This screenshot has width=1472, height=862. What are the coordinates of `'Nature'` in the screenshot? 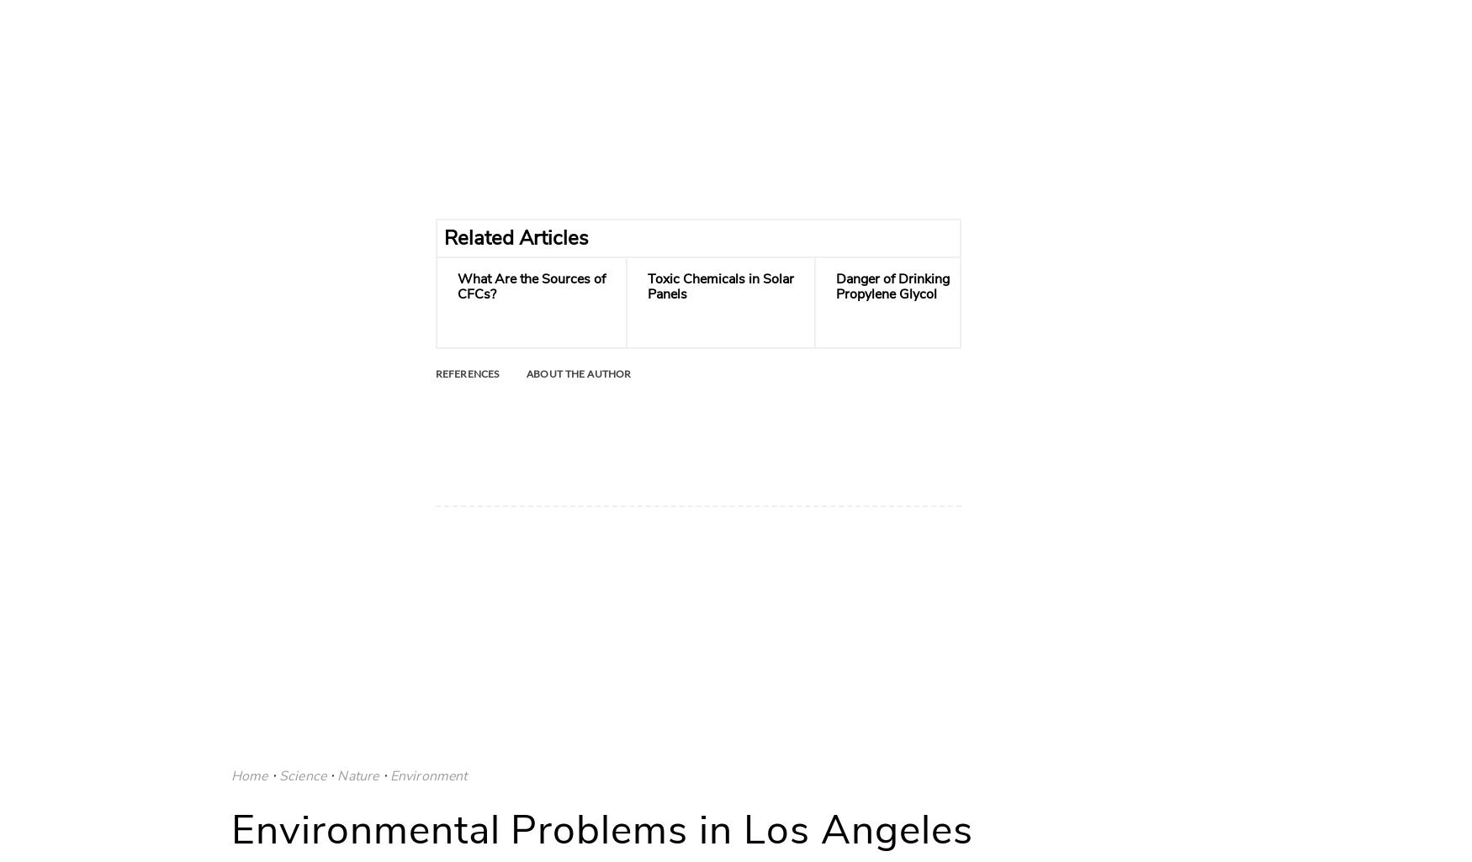 It's located at (357, 774).